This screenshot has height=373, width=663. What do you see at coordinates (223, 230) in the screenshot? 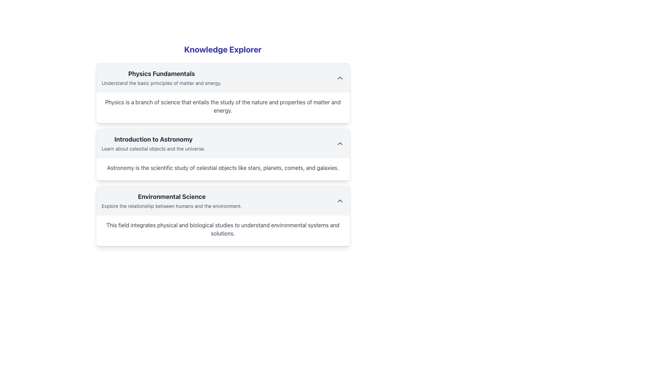
I see `text block displaying the message about environmental systems and solutions, located under the 'Environmental Science' section` at bounding box center [223, 230].